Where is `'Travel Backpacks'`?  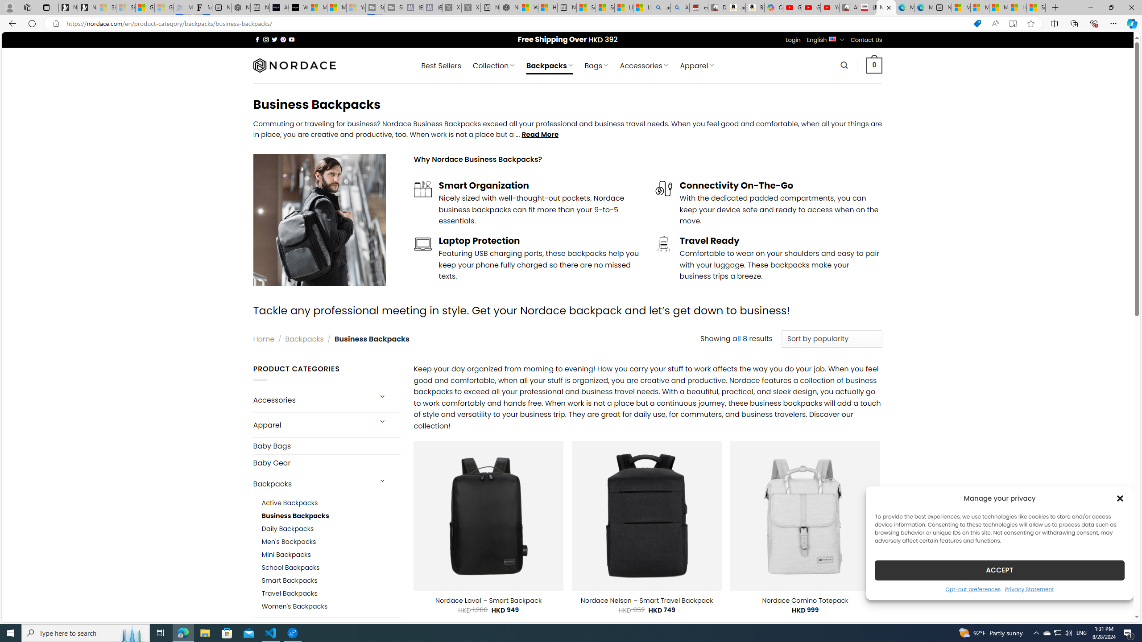 'Travel Backpacks' is located at coordinates (331, 593).